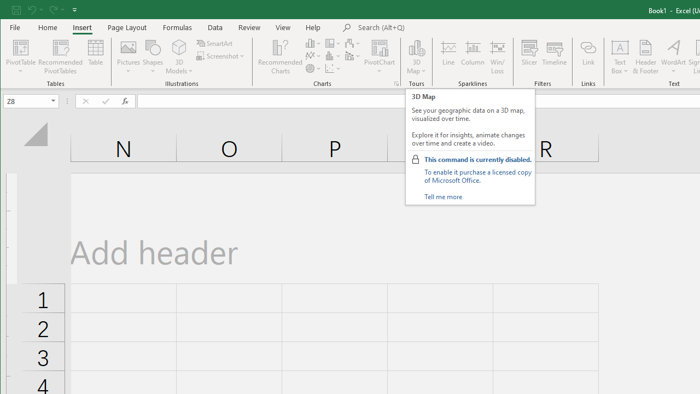  Describe the element at coordinates (434, 27) in the screenshot. I see `'Microsoft search'` at that location.